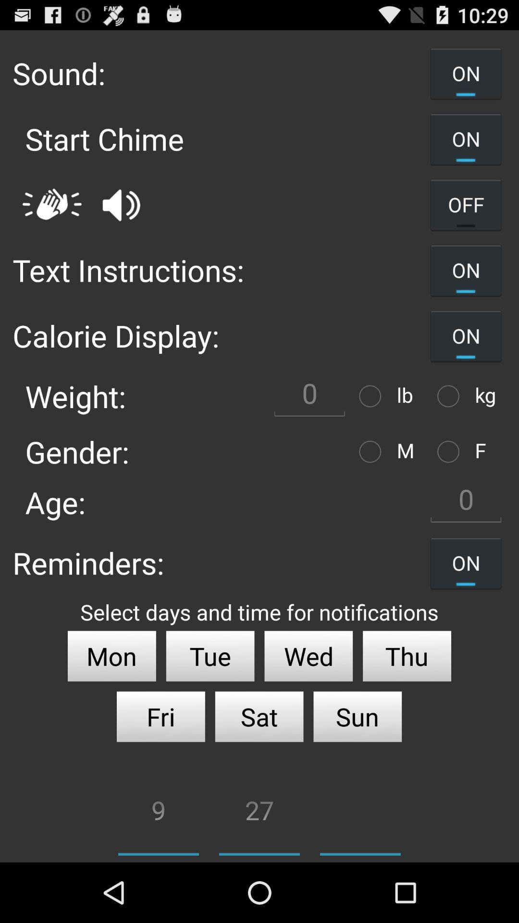 Image resolution: width=519 pixels, height=923 pixels. I want to click on pounds, so click(372, 396).